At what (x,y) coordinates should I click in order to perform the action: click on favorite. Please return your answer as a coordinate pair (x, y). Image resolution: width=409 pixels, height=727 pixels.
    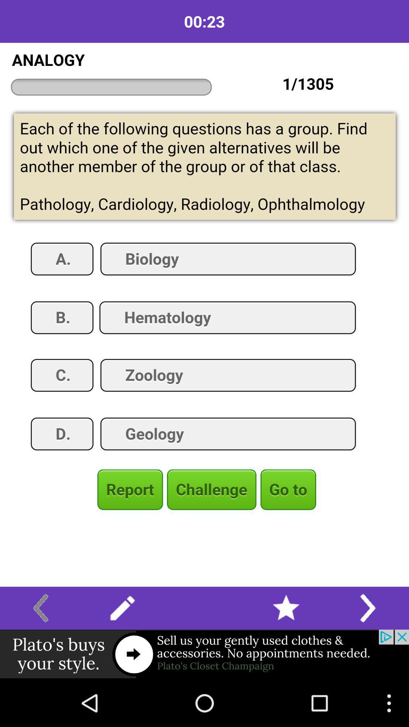
    Looking at the image, I should click on (286, 608).